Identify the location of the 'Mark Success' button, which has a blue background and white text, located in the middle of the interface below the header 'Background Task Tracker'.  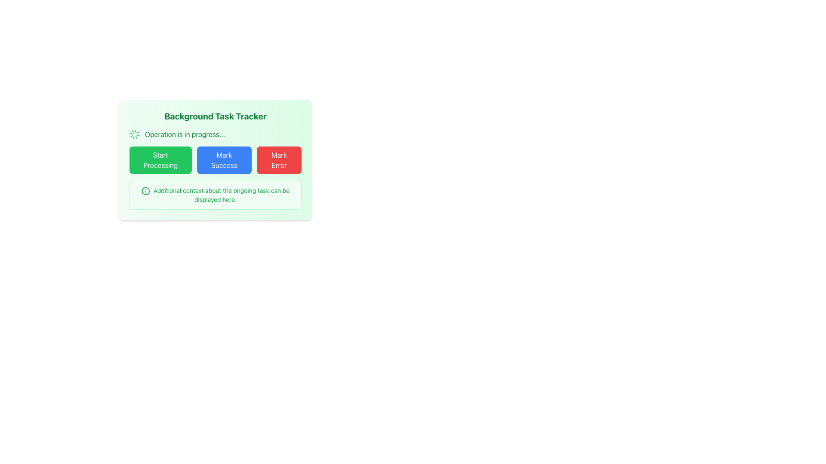
(224, 160).